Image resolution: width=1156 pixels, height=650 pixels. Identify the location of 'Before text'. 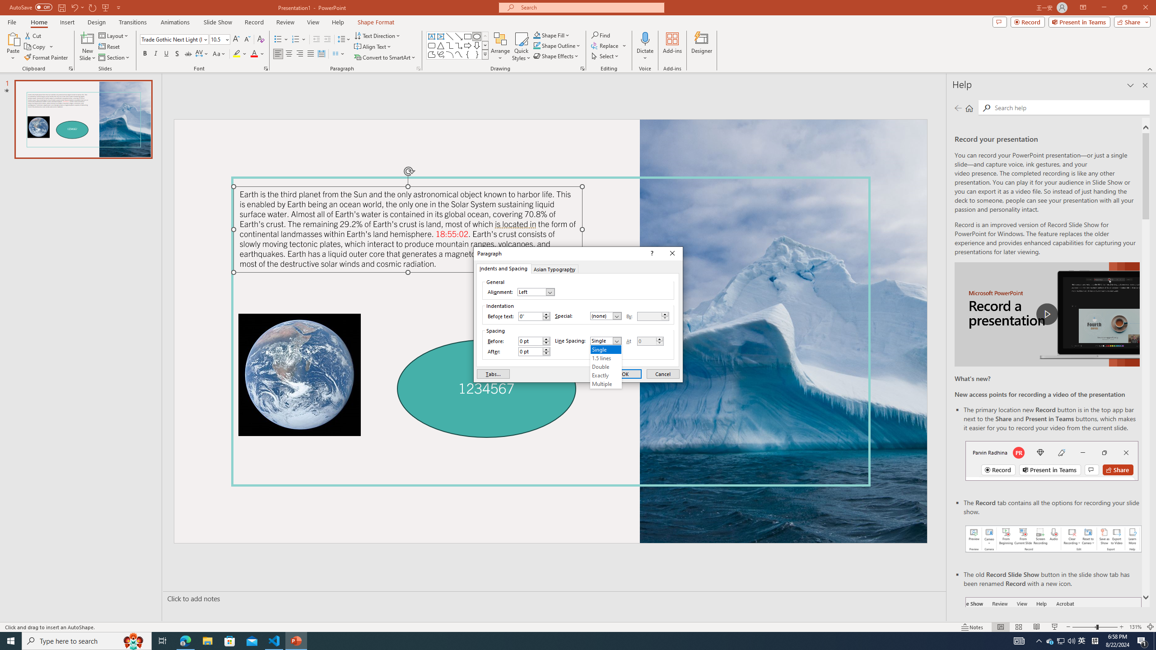
(530, 316).